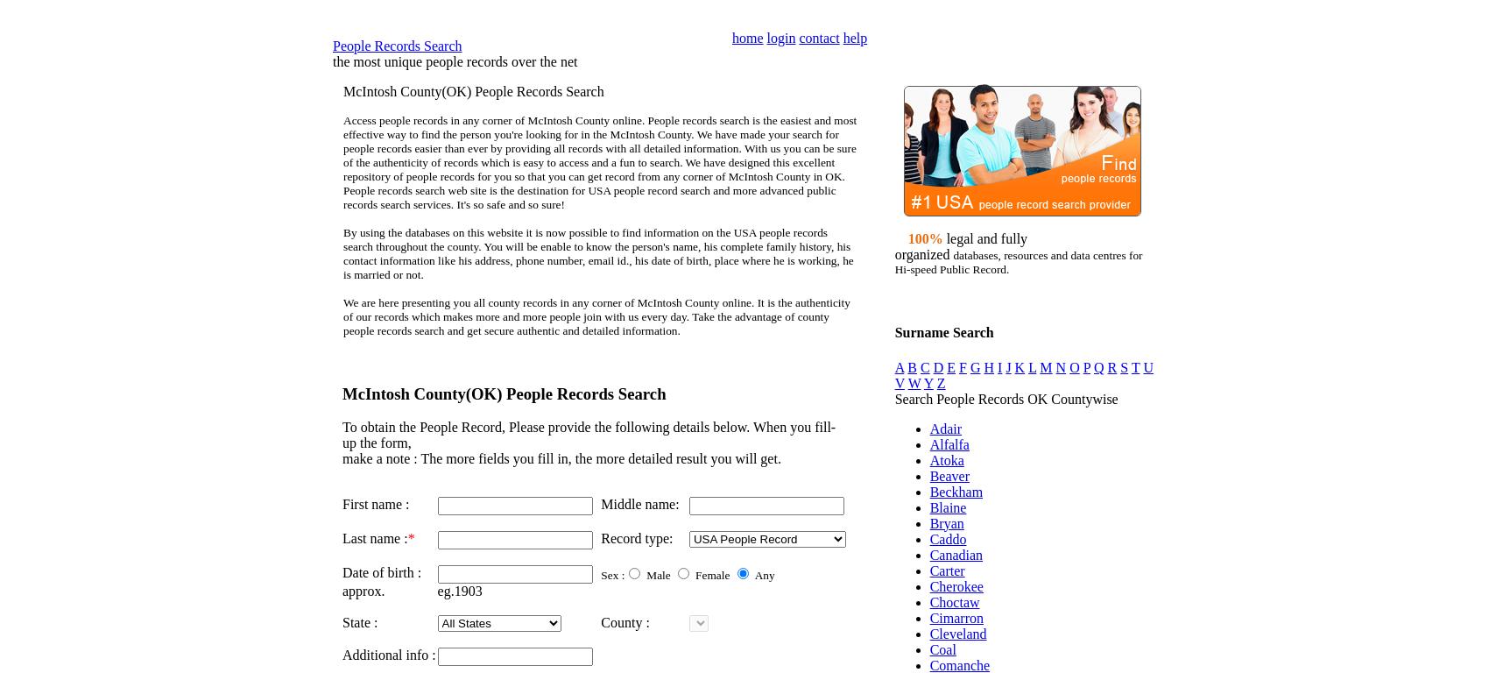  What do you see at coordinates (949, 443) in the screenshot?
I see `'Alfalfa'` at bounding box center [949, 443].